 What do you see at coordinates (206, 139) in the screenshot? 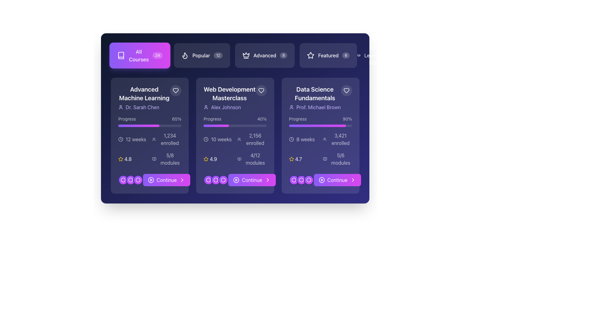
I see `the central SVG Circle element within the clock icon in the 'Web Development Masterclass' section of the interface` at bounding box center [206, 139].